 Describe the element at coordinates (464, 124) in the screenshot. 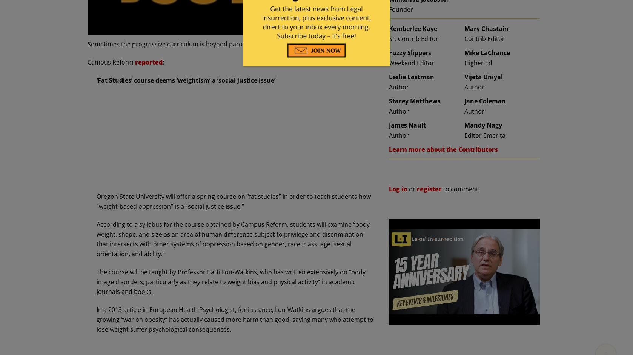

I see `'Mandy Nagy'` at that location.